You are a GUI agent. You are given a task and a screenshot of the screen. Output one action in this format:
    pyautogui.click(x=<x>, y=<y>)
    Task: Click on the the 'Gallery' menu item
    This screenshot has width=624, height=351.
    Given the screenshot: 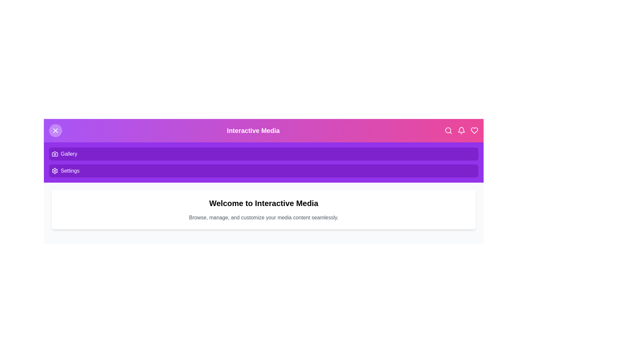 What is the action you would take?
    pyautogui.click(x=264, y=154)
    